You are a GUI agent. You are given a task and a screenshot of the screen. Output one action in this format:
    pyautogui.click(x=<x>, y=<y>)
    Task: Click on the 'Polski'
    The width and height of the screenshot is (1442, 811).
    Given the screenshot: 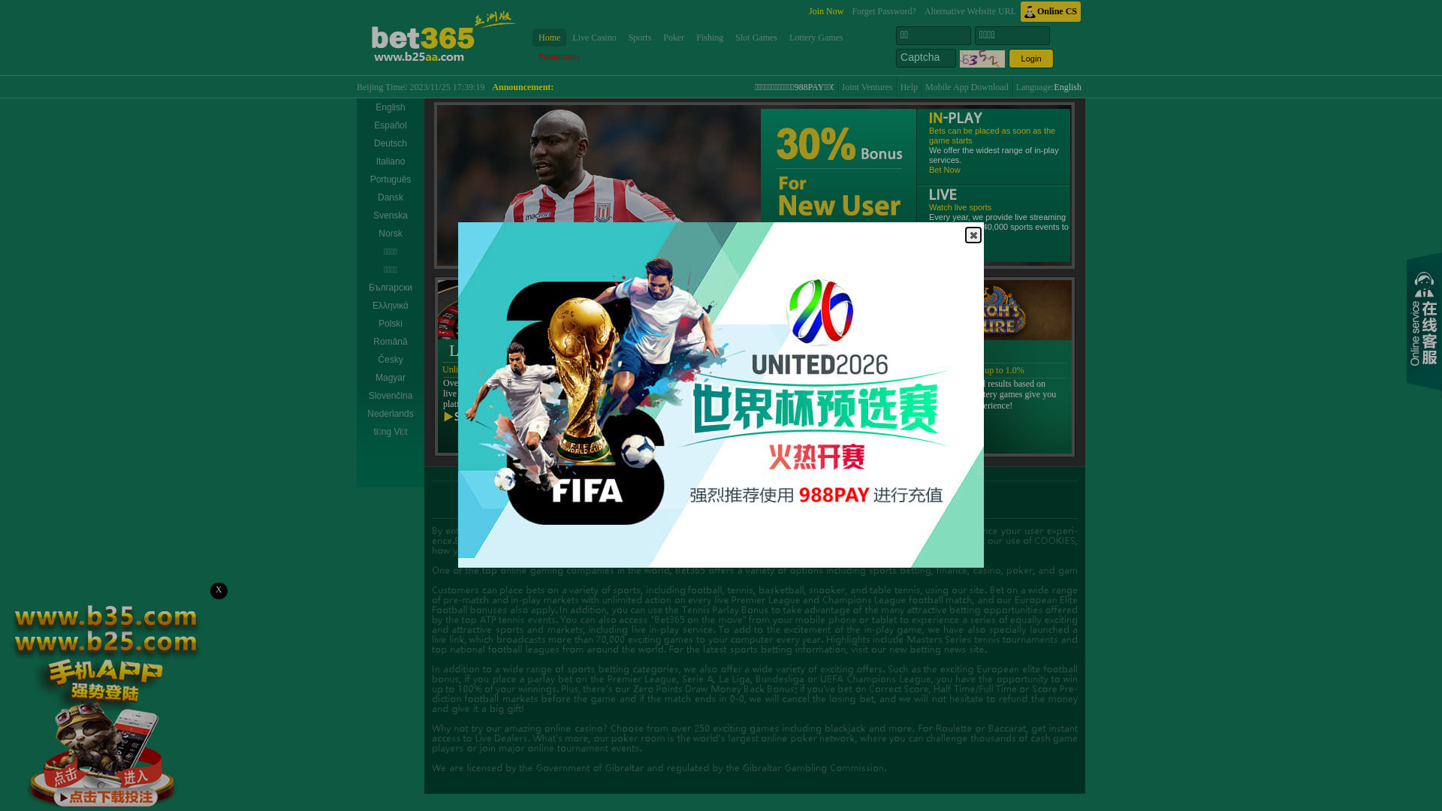 What is the action you would take?
    pyautogui.click(x=390, y=323)
    